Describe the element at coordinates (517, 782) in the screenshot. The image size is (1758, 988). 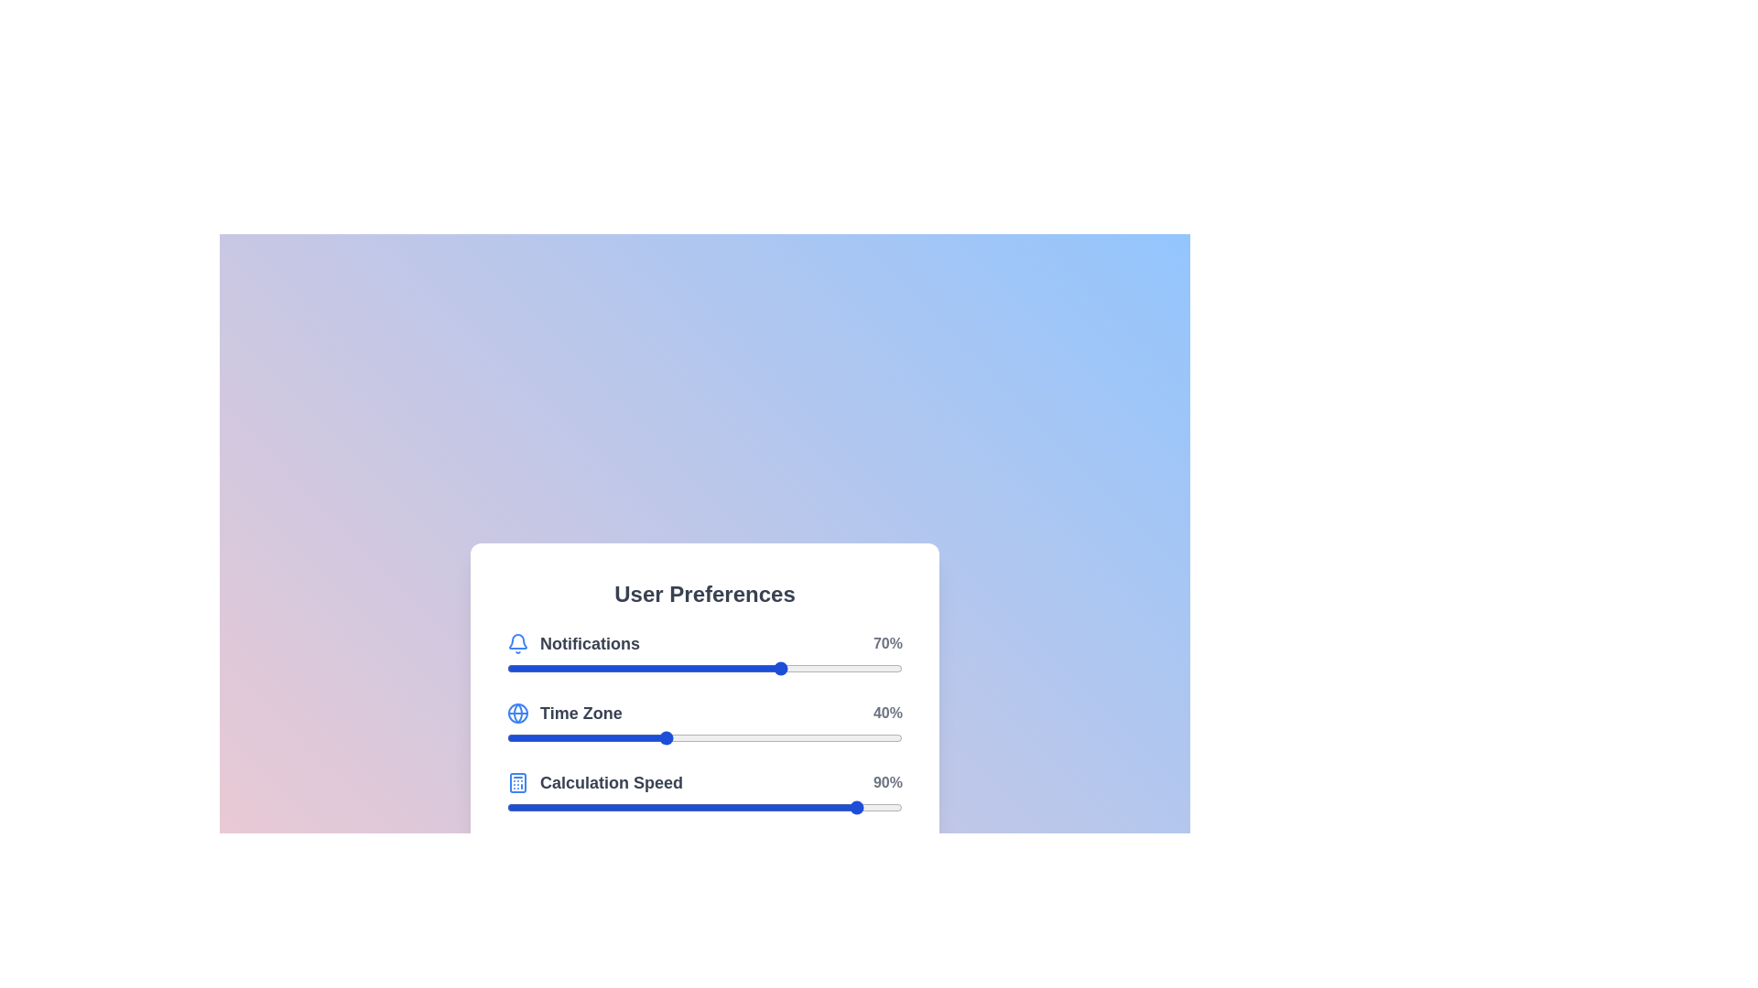
I see `the icon corresponding to Calculation Speed` at that location.